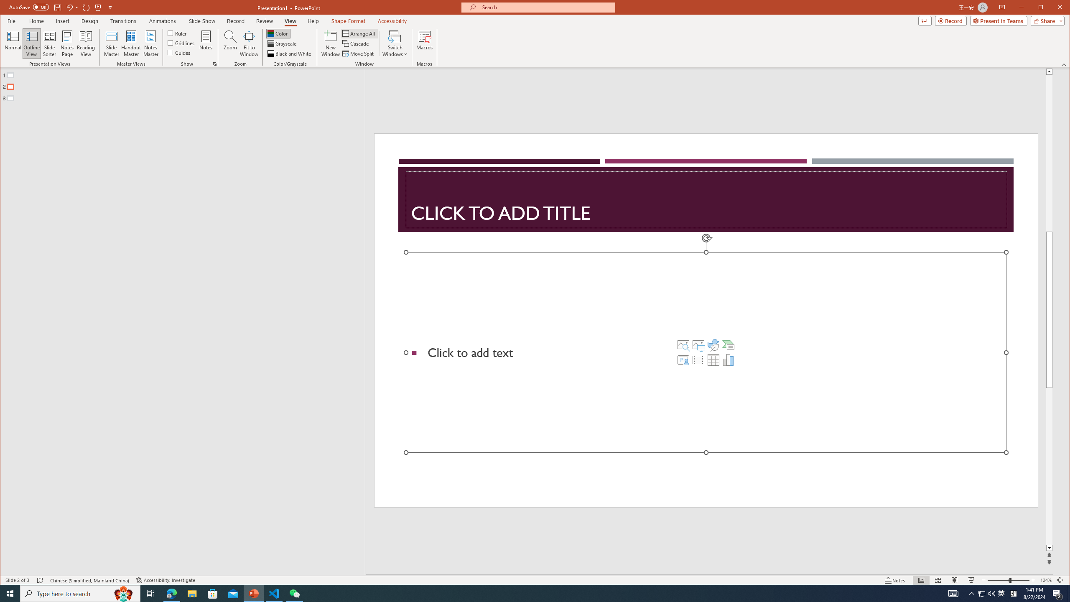 The image size is (1070, 602). Describe the element at coordinates (171, 593) in the screenshot. I see `'Microsoft Edge - 1 running window'` at that location.